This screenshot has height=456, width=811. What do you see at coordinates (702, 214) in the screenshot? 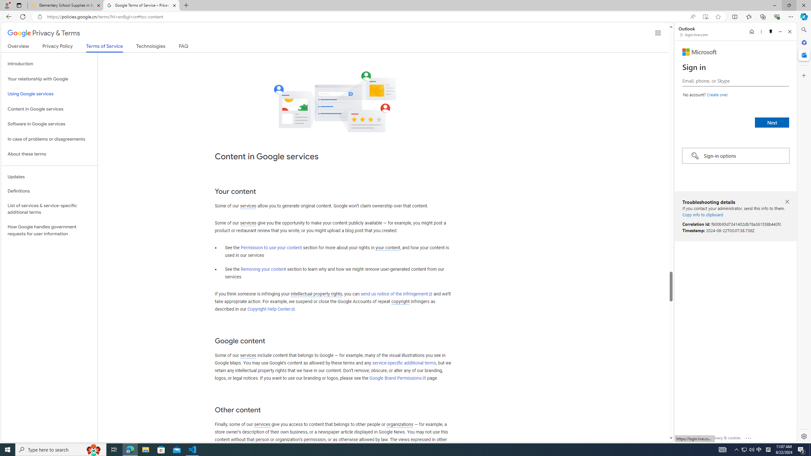
I see `'Copy info to clipboard'` at bounding box center [702, 214].